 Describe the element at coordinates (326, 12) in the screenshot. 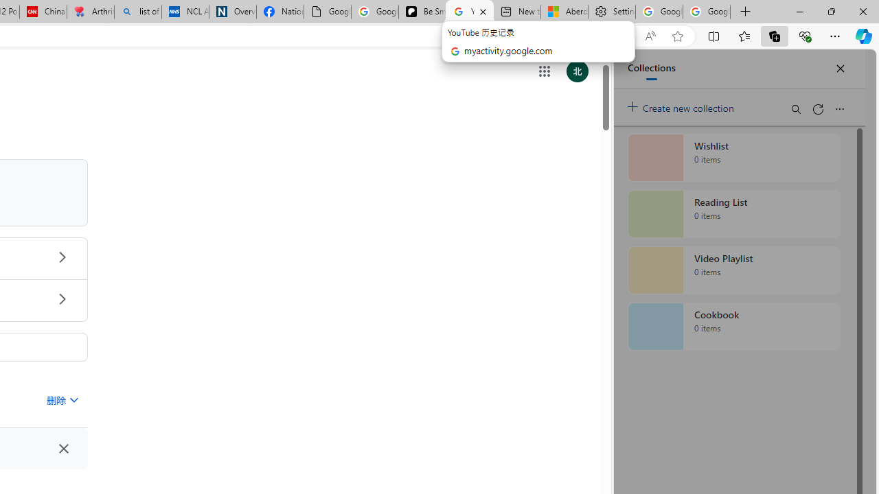

I see `'Google Analytics Opt-out Browser Add-on Download Page'` at that location.